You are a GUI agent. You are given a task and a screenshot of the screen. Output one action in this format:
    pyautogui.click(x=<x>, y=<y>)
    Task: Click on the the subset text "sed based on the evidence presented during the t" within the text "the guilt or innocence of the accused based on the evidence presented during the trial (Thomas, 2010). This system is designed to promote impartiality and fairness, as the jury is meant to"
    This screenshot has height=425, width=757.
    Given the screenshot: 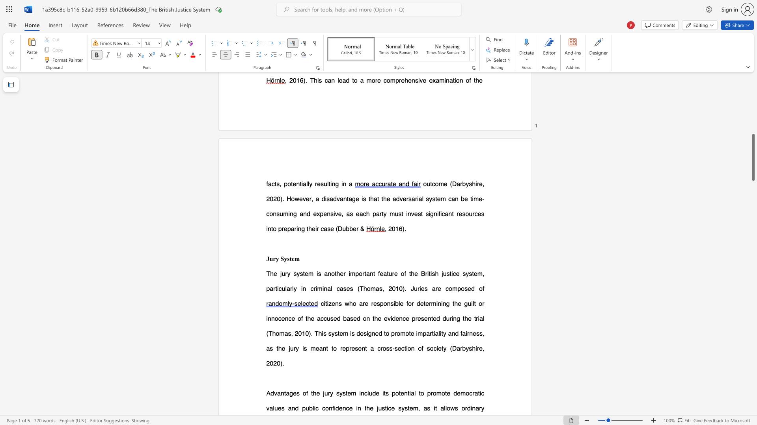 What is the action you would take?
    pyautogui.click(x=330, y=318)
    